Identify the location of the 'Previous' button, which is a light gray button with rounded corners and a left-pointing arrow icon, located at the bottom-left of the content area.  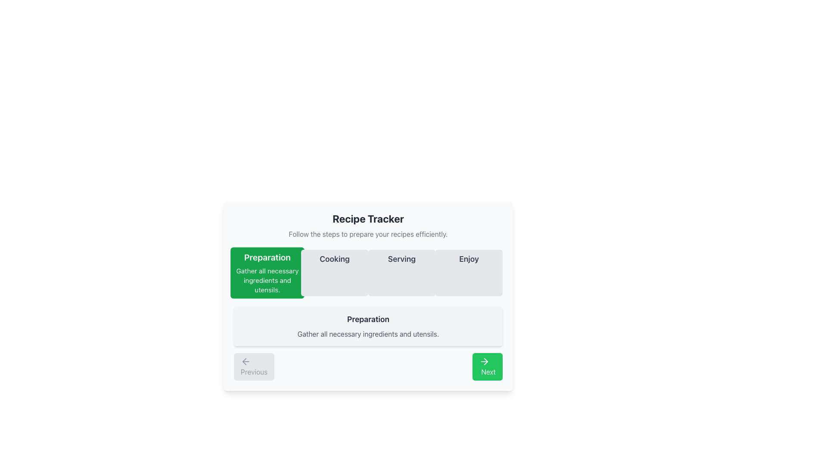
(254, 367).